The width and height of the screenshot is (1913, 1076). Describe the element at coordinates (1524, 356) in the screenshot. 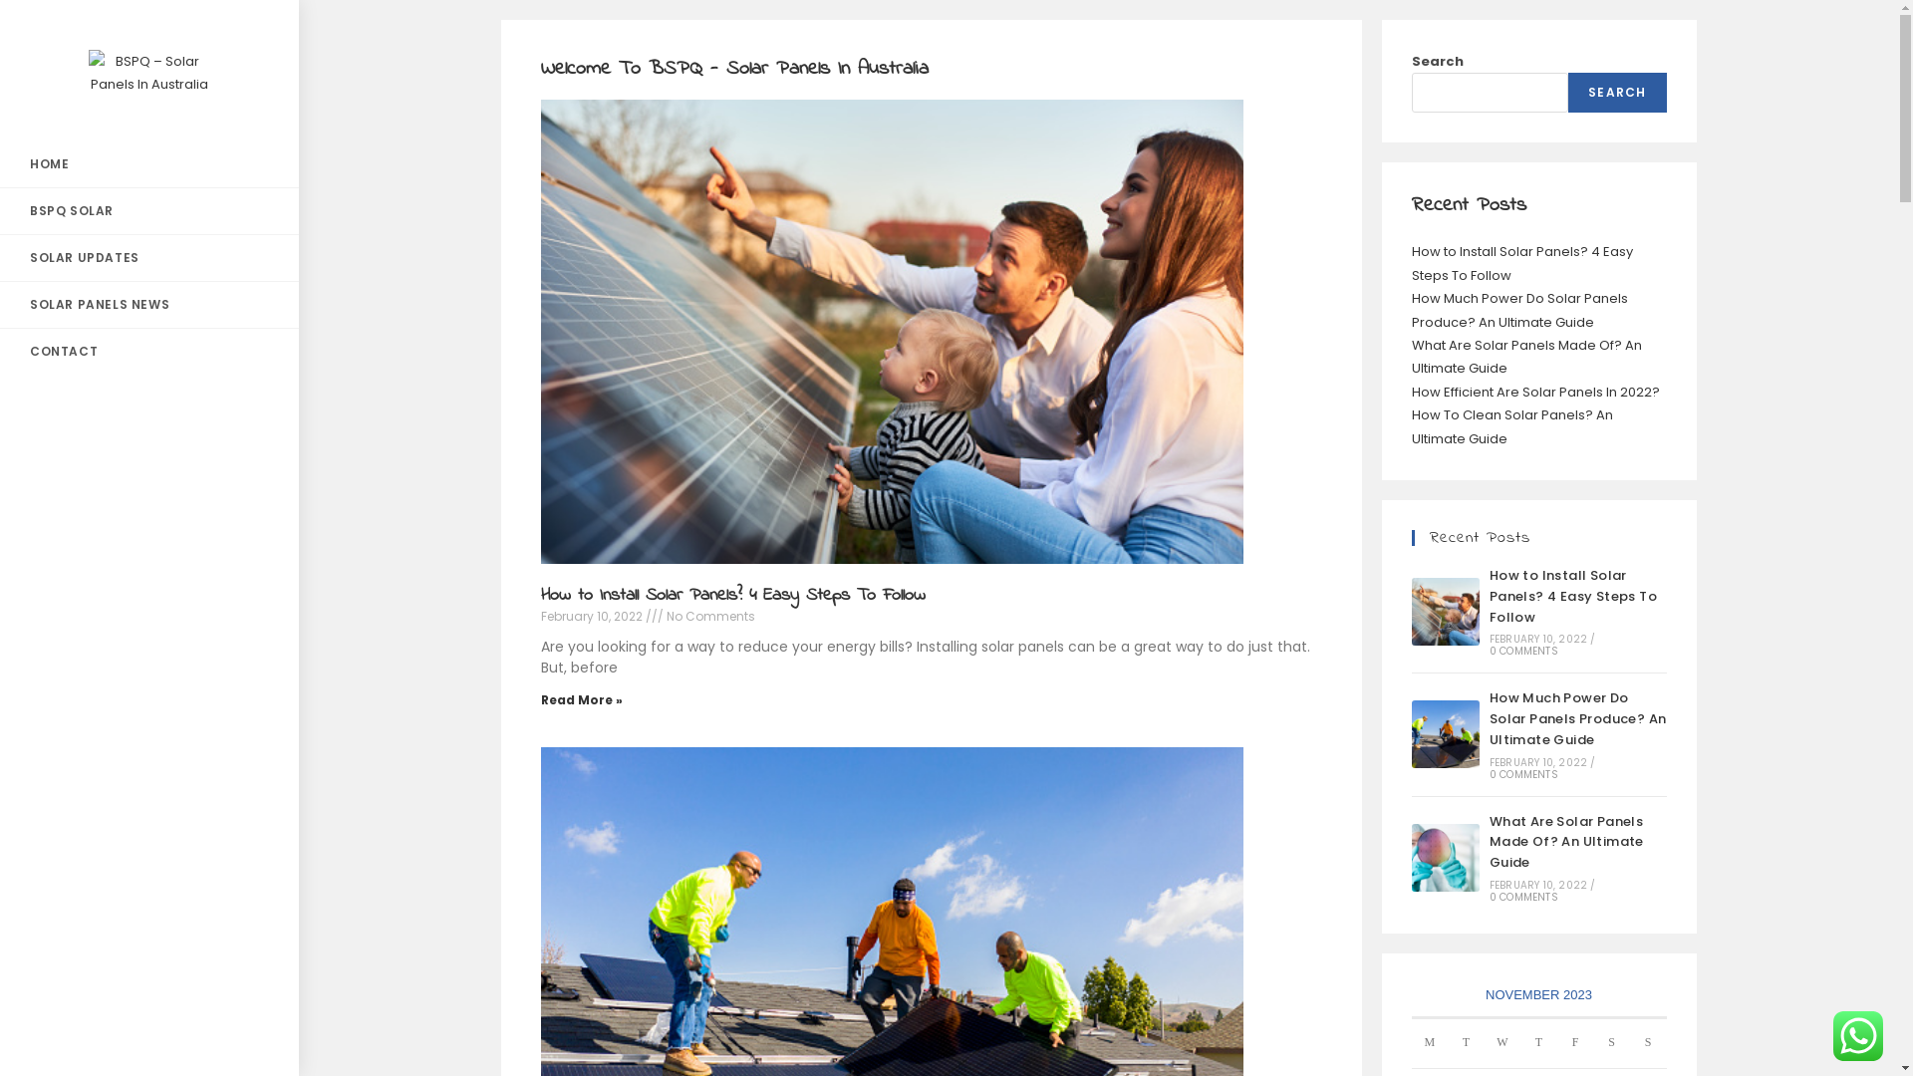

I see `'What Are Solar Panels Made Of? An Ultimate Guide'` at that location.